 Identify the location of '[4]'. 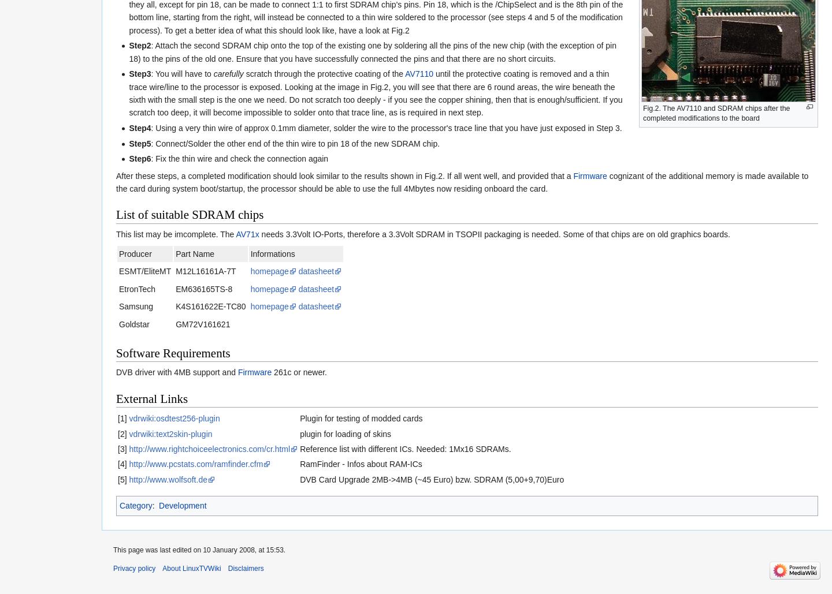
(122, 464).